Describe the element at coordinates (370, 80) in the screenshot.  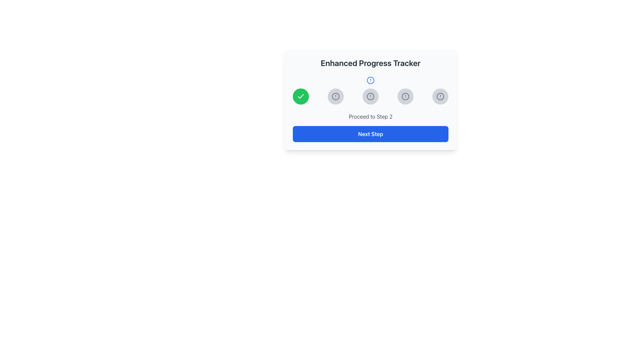
I see `the graphic element representing progress in the second circular button under the 'Enhanced Progress Tracker' label` at that location.